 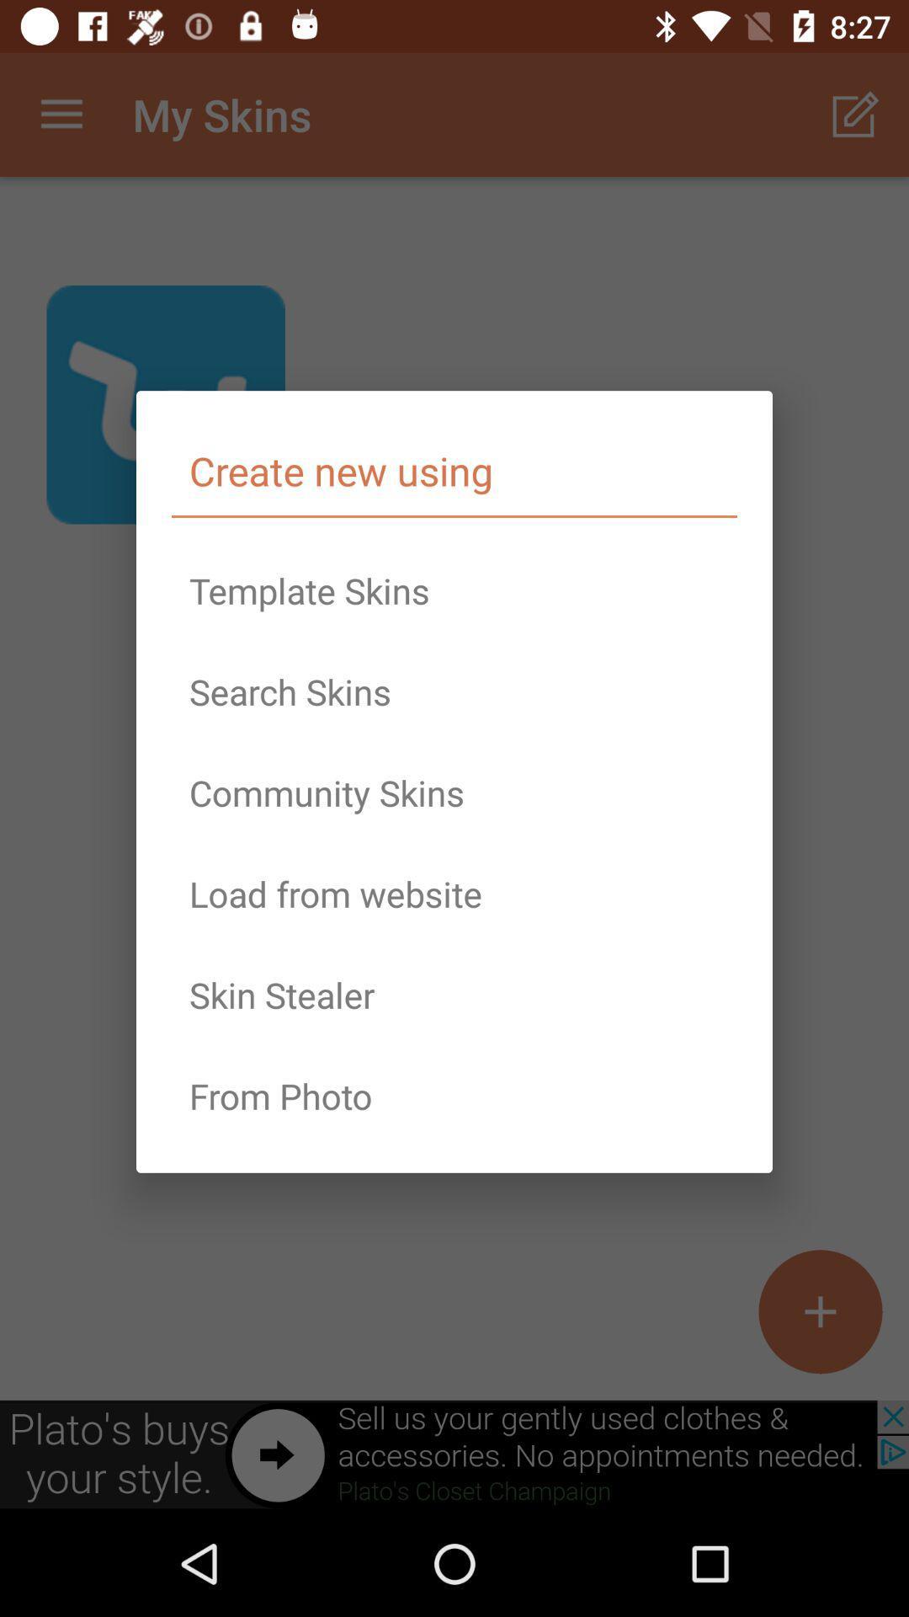 I want to click on item below search skins icon, so click(x=454, y=792).